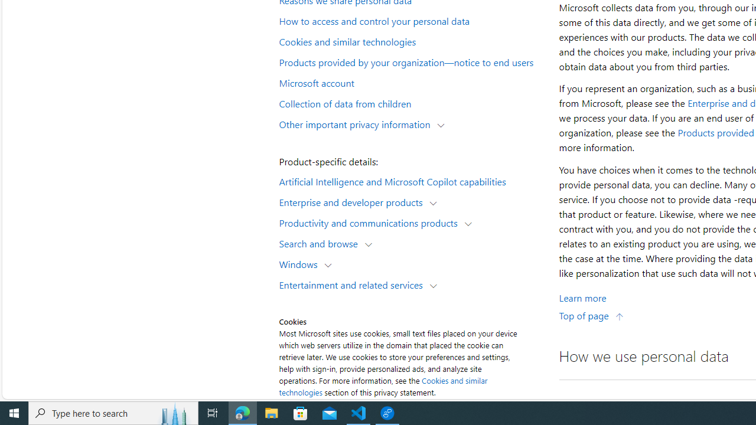 The width and height of the screenshot is (756, 425). Describe the element at coordinates (301, 263) in the screenshot. I see `'Windows'` at that location.